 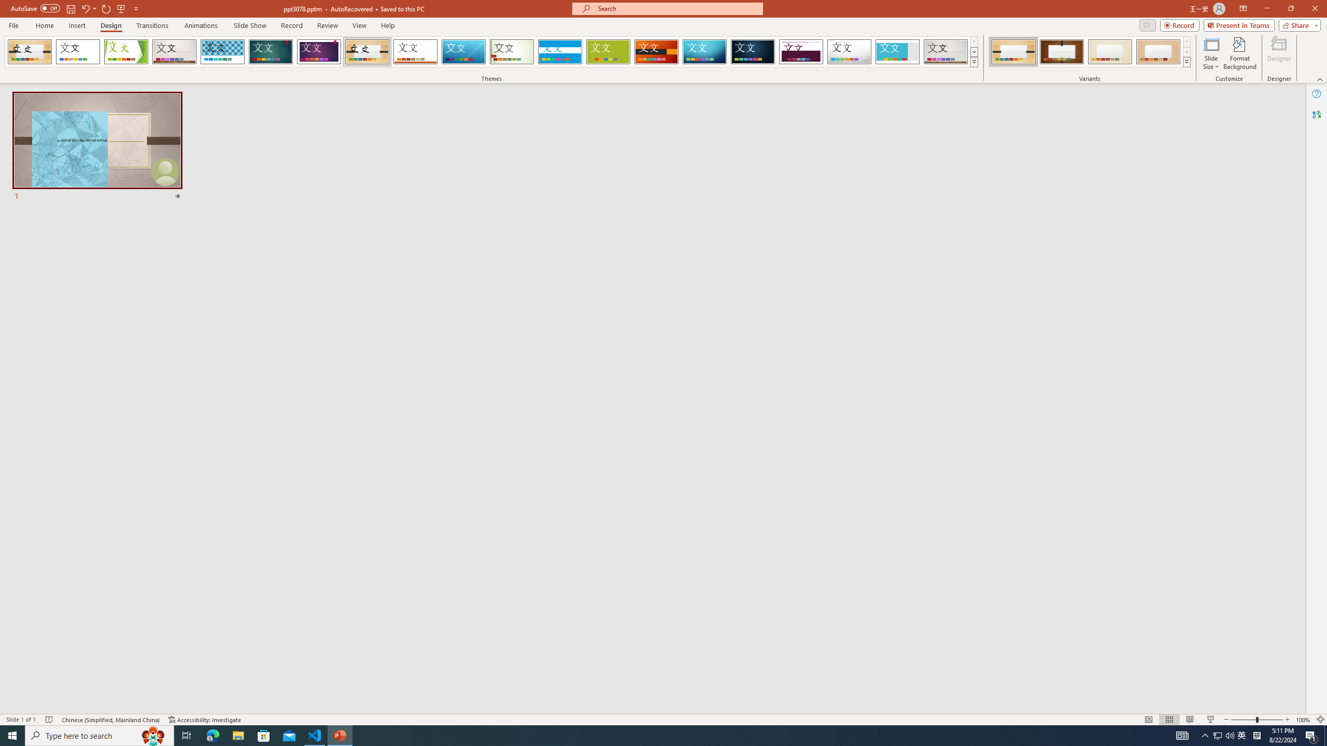 I want to click on 'Integral', so click(x=222, y=51).